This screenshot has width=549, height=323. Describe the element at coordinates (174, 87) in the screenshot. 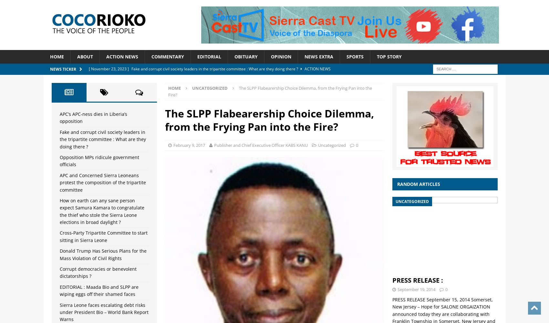

I see `'Home'` at that location.